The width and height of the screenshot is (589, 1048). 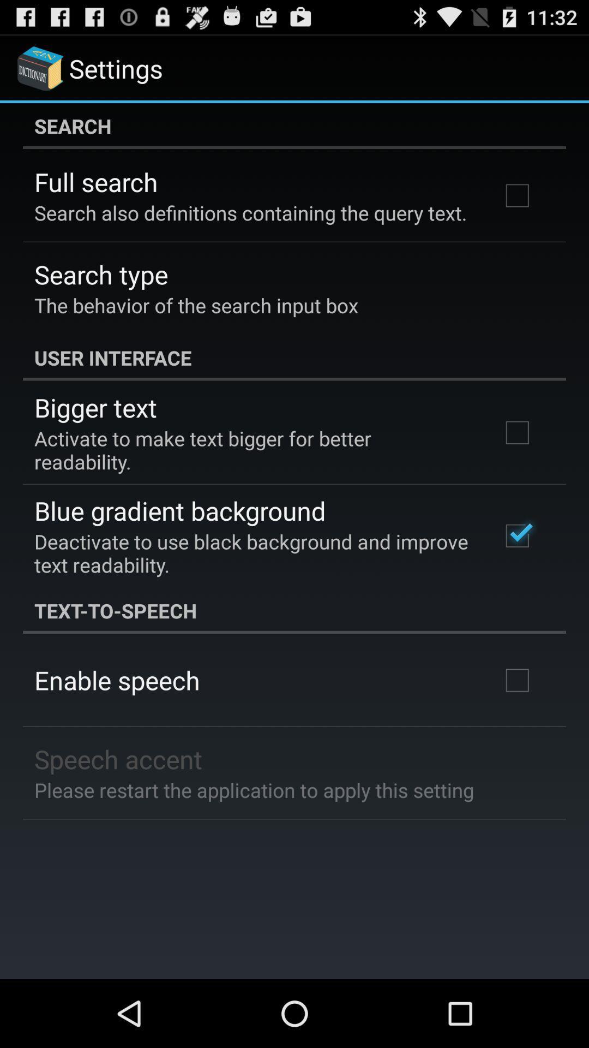 What do you see at coordinates (250, 212) in the screenshot?
I see `the search also definitions icon` at bounding box center [250, 212].